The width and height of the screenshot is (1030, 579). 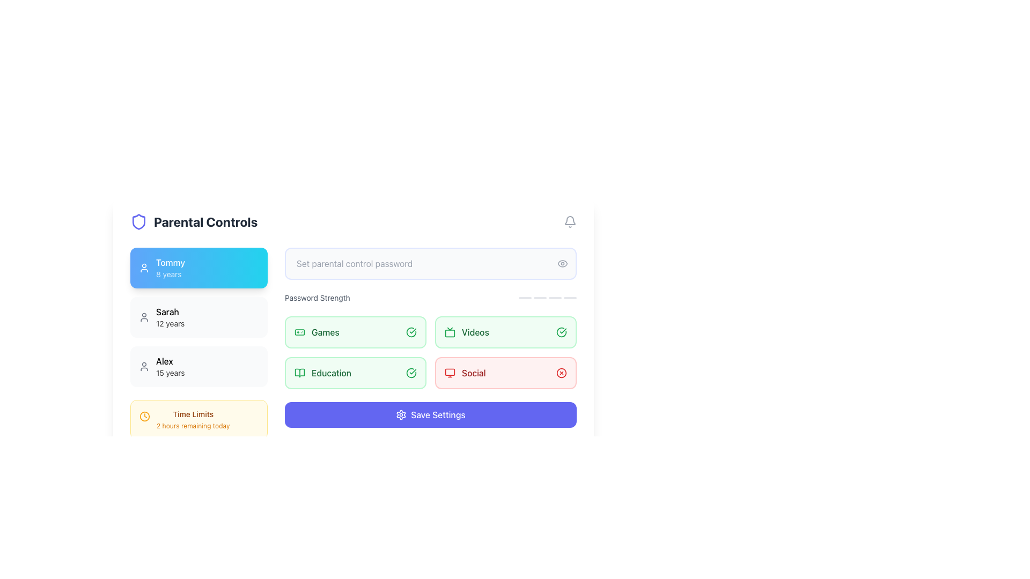 I want to click on the second button in the grid layout related to video settings, located to the right of the 'Games' button and above the 'Social' button, so click(x=505, y=332).